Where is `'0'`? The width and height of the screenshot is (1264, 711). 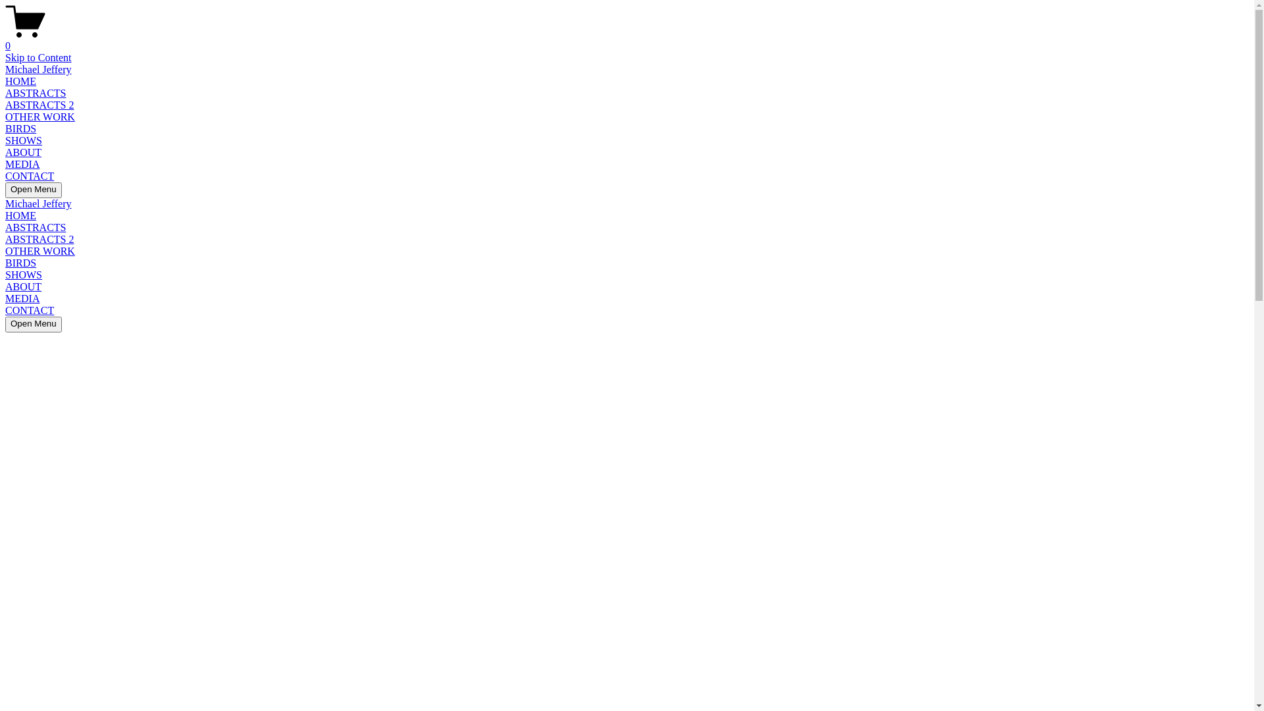 '0' is located at coordinates (5, 39).